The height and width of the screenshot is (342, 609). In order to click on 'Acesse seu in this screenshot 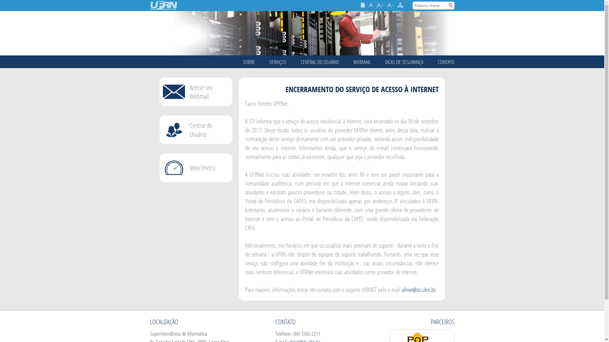, I will do `click(195, 92)`.